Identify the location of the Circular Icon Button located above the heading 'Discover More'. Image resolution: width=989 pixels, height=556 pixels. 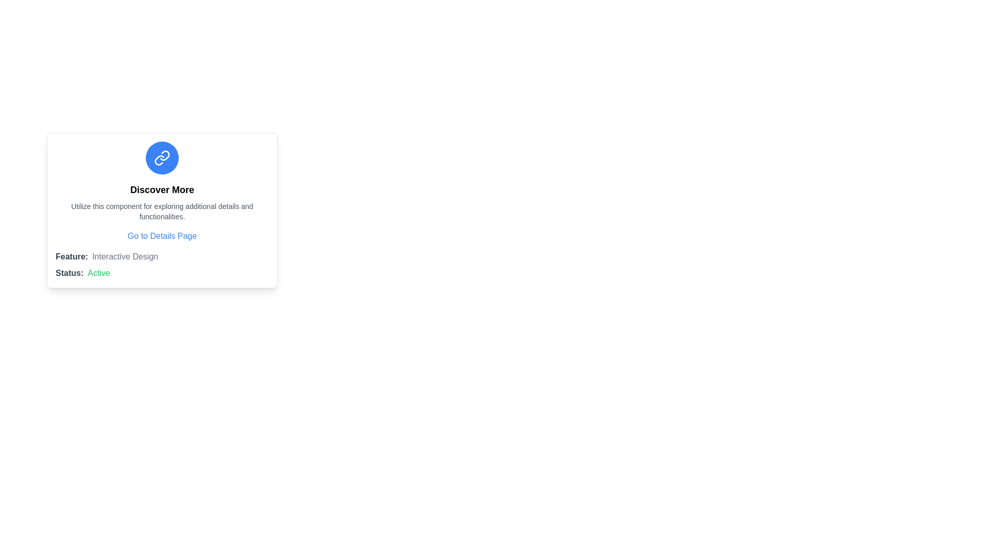
(162, 158).